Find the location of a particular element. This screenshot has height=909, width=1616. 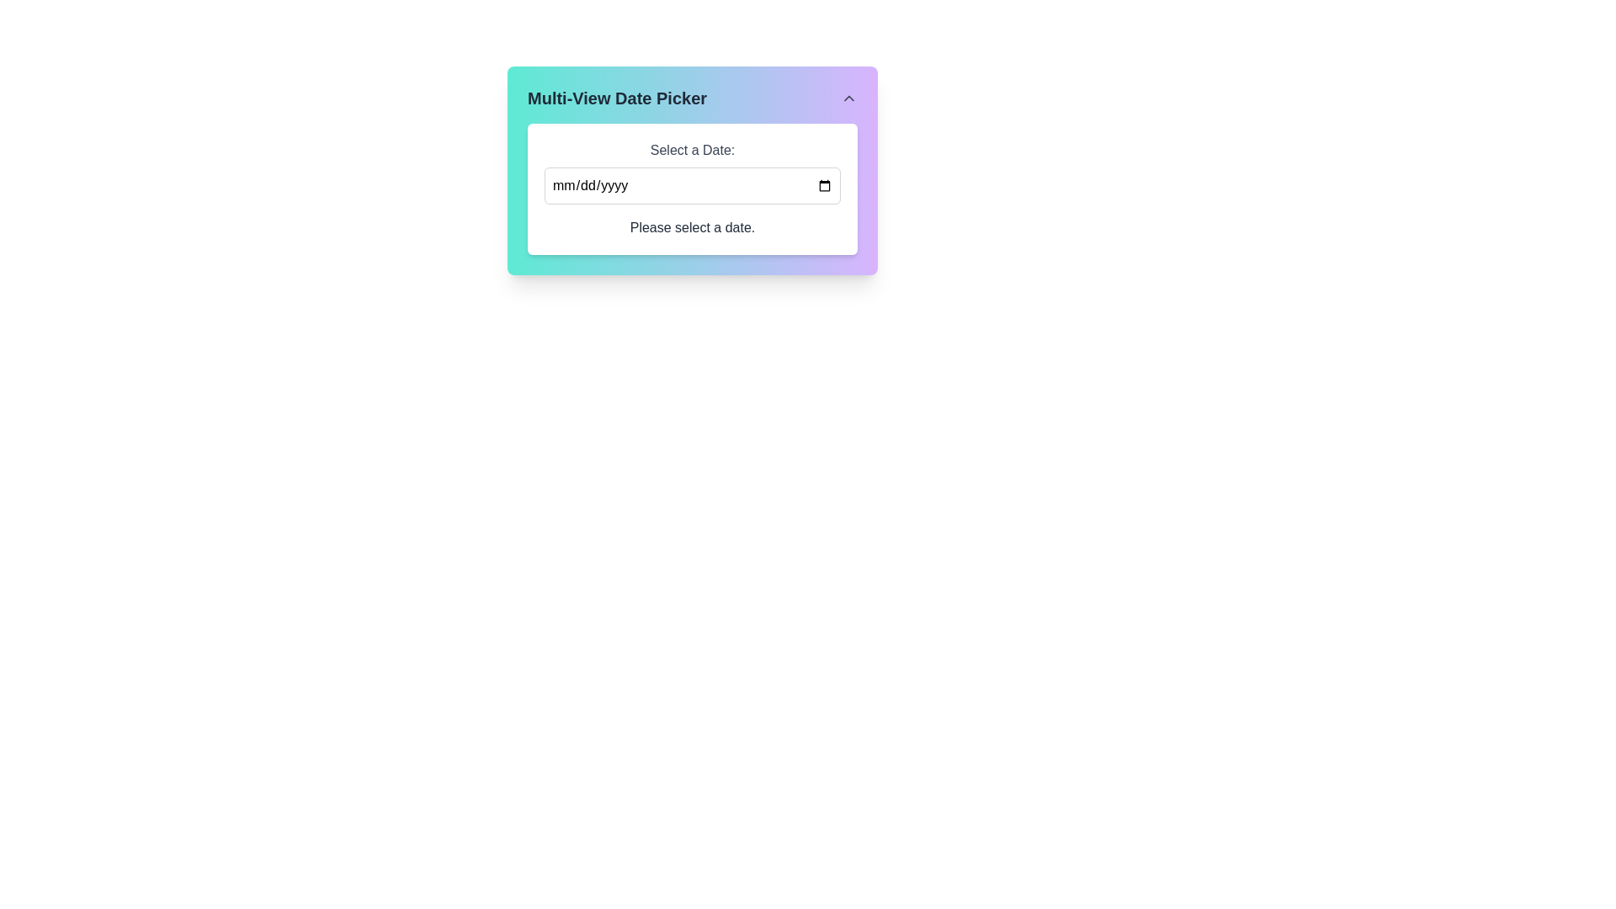

the rectangular date input field labeled 'Select a Date' is located at coordinates (692, 185).